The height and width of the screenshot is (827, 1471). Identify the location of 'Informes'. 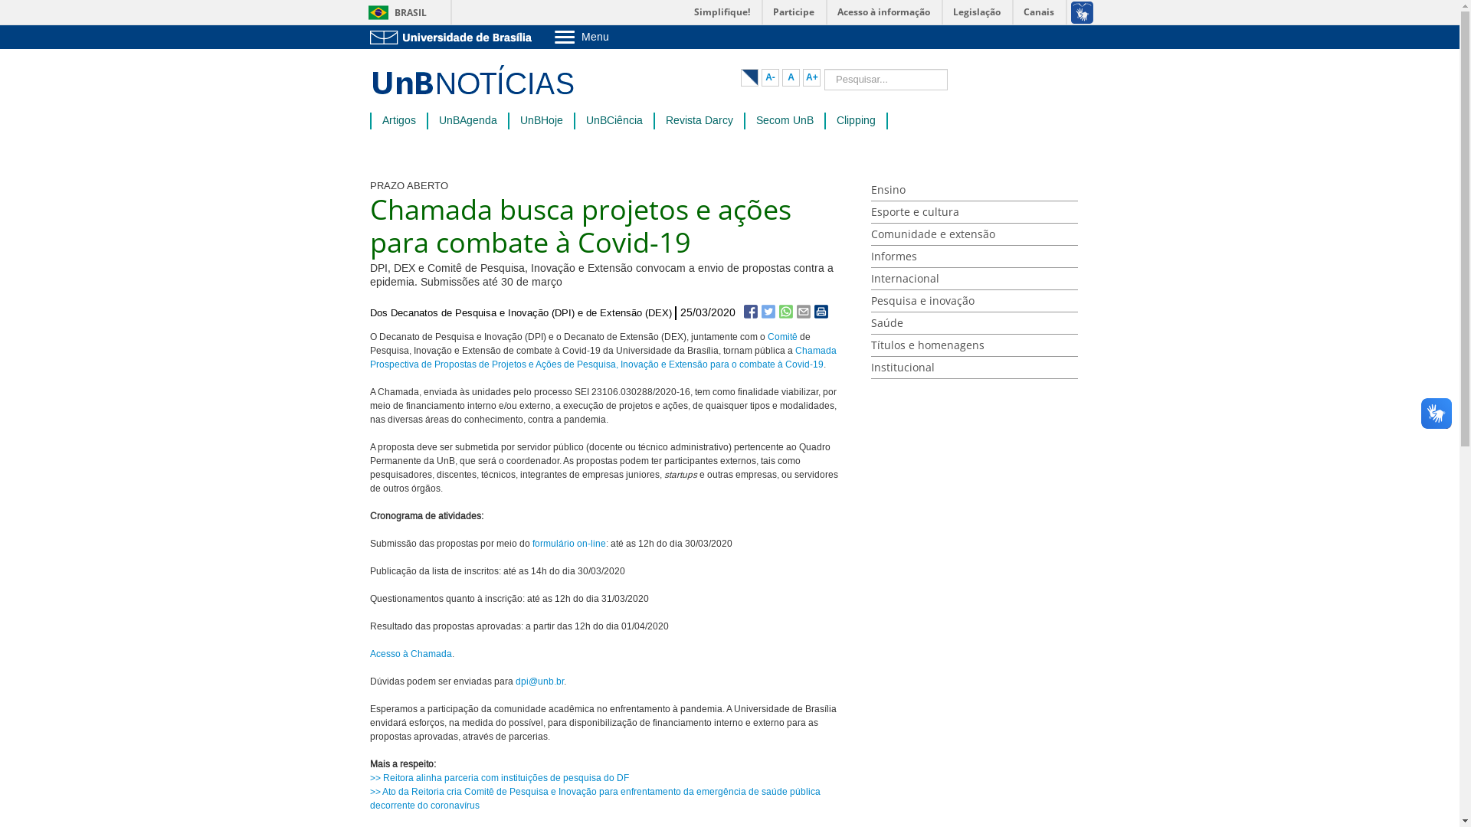
(974, 256).